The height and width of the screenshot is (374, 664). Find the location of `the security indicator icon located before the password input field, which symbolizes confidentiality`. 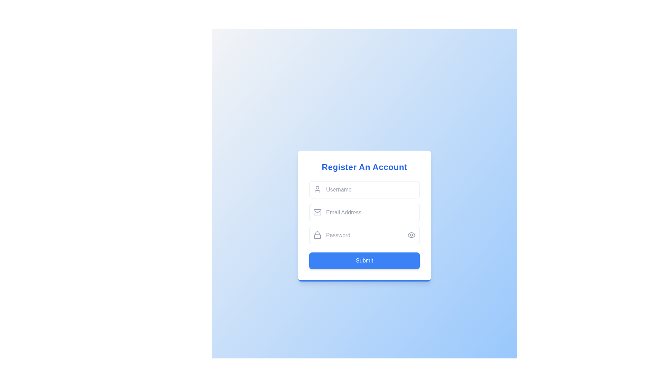

the security indicator icon located before the password input field, which symbolizes confidentiality is located at coordinates (317, 234).